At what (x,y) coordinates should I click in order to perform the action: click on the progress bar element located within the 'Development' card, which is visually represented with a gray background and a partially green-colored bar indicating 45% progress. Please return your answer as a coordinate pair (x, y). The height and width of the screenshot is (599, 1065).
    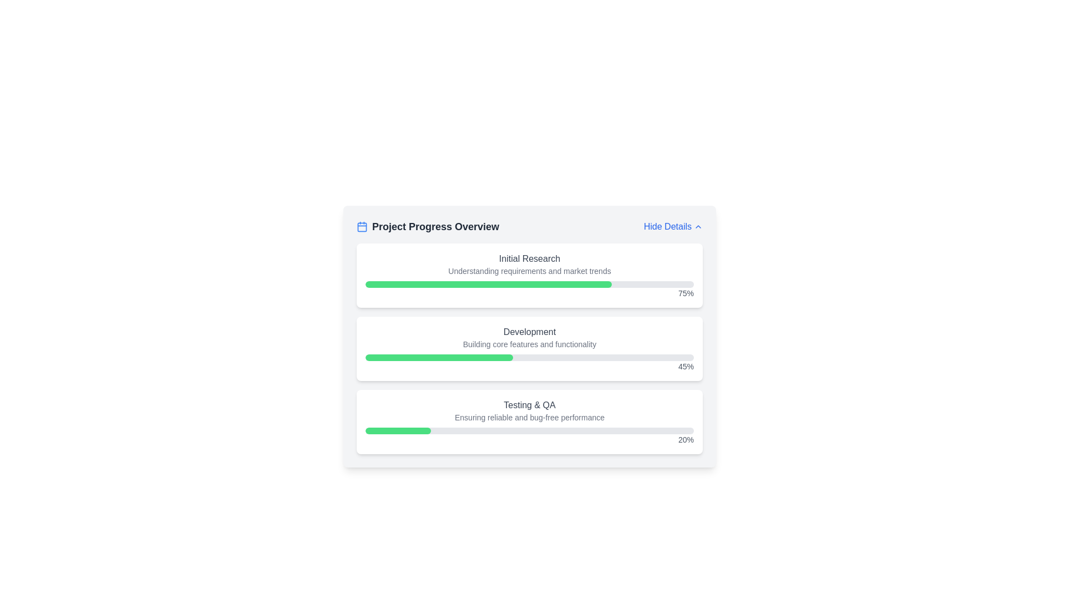
    Looking at the image, I should click on (529, 357).